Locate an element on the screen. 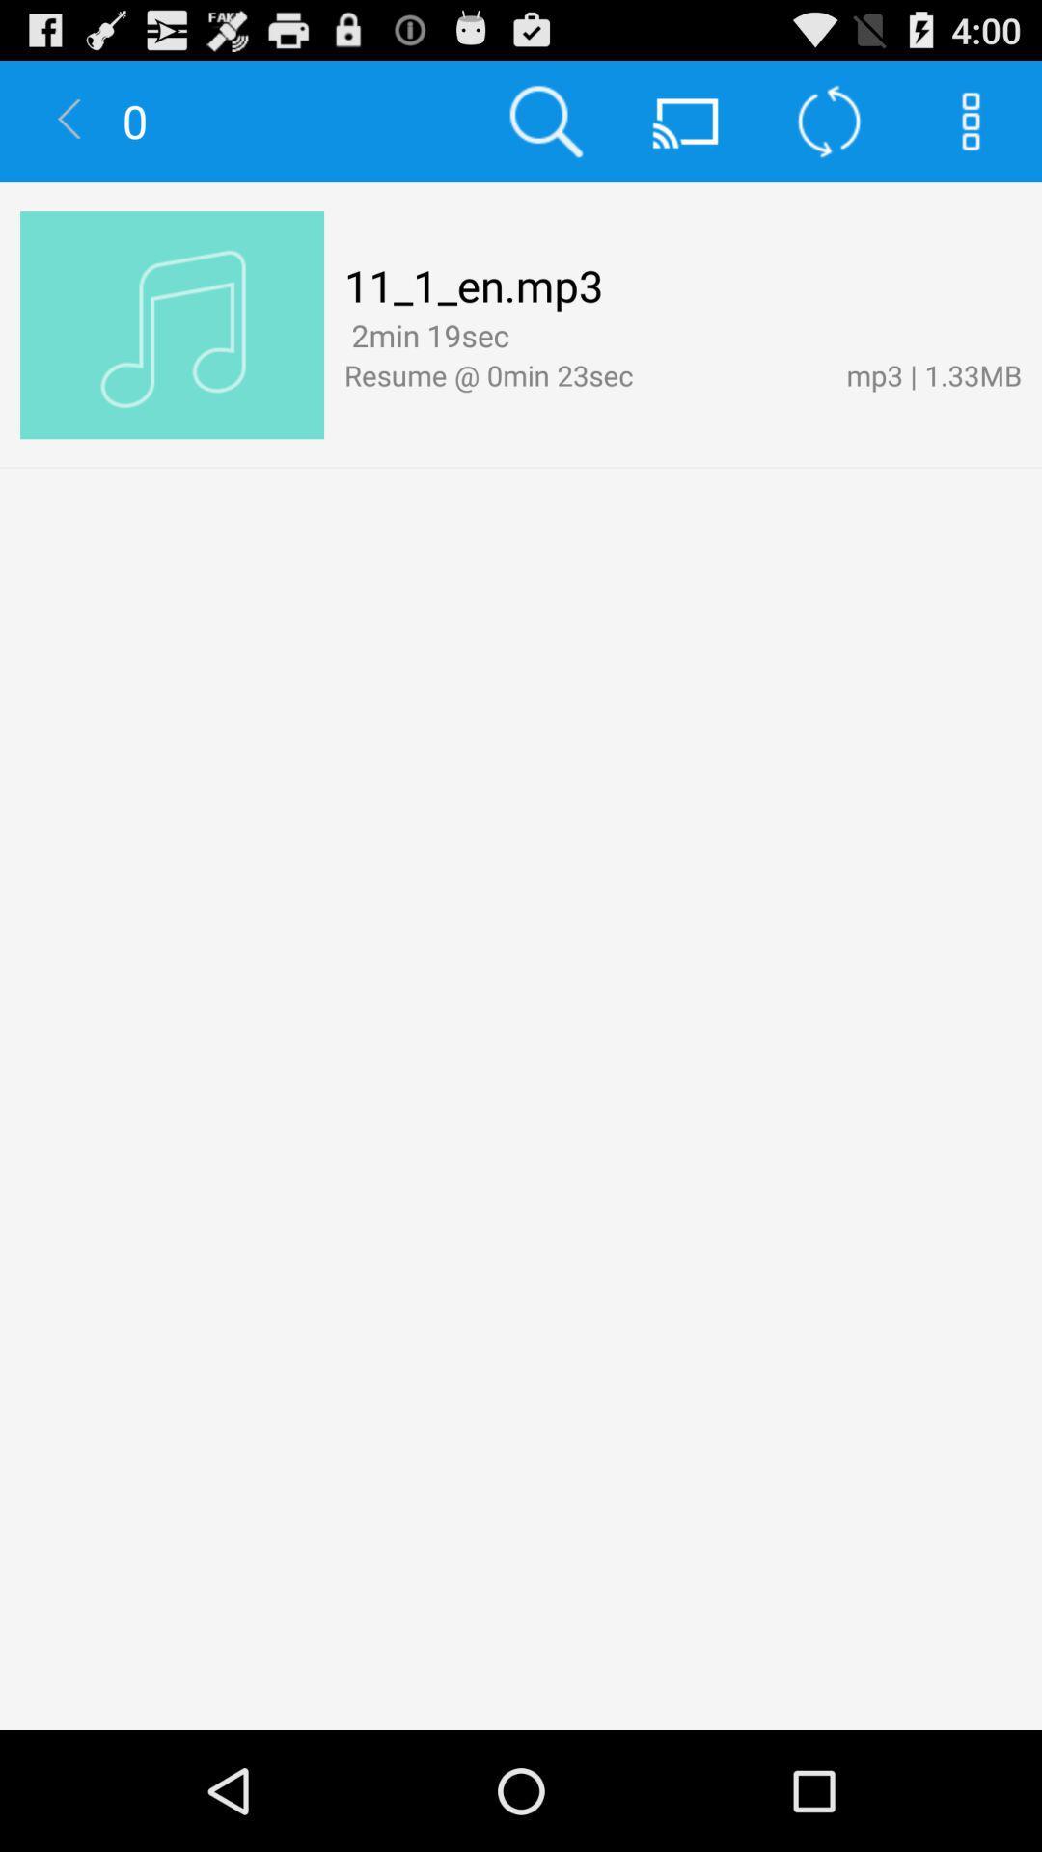 The width and height of the screenshot is (1042, 1852). button right to search button is located at coordinates (686, 120).